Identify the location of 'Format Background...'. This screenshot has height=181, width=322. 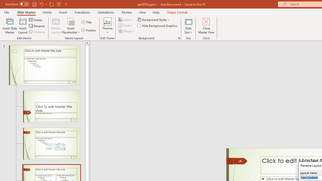
(179, 38).